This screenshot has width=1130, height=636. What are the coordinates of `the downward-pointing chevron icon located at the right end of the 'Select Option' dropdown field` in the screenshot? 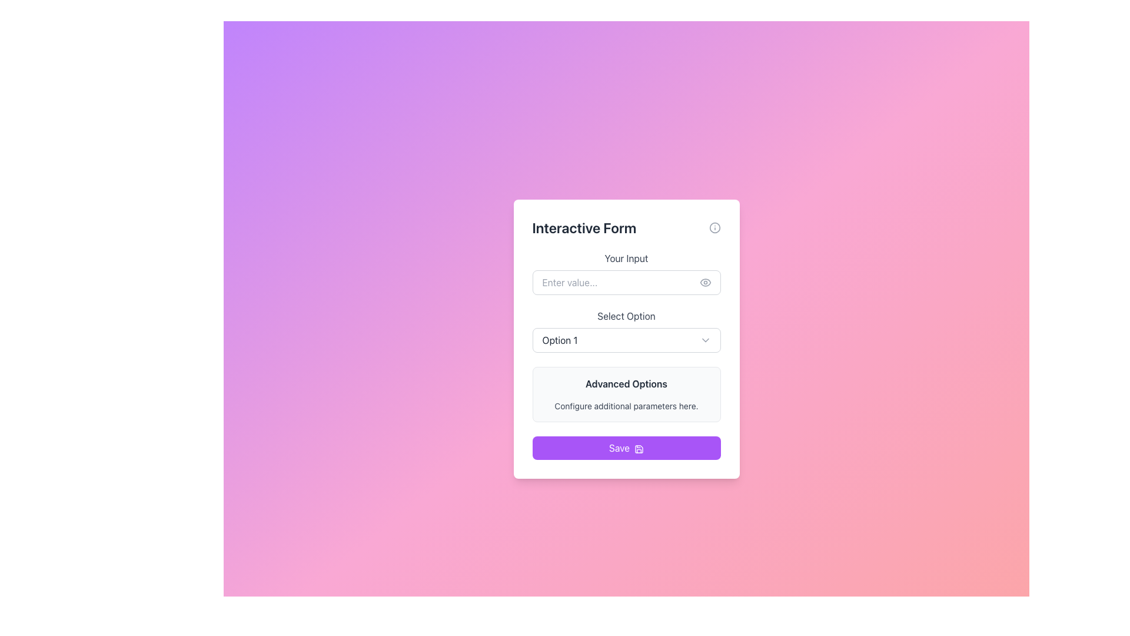 It's located at (705, 340).